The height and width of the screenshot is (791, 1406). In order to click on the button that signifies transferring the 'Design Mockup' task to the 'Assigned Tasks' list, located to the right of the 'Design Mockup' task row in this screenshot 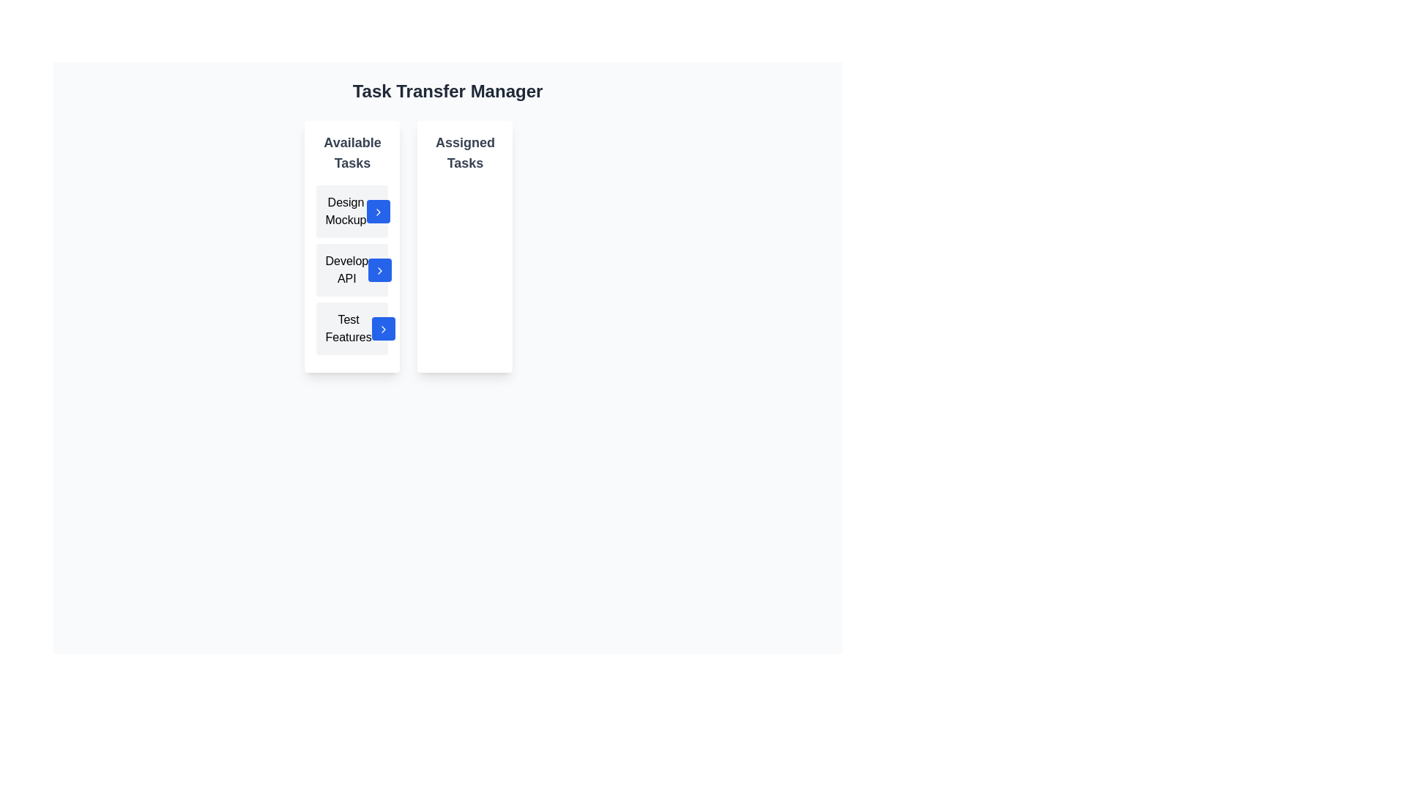, I will do `click(378, 212)`.